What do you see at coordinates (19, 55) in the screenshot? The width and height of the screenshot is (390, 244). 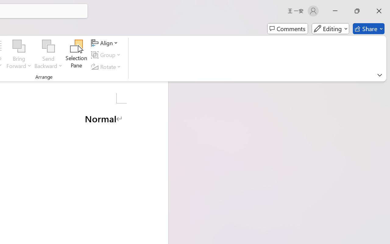 I see `'Bring Forward'` at bounding box center [19, 55].